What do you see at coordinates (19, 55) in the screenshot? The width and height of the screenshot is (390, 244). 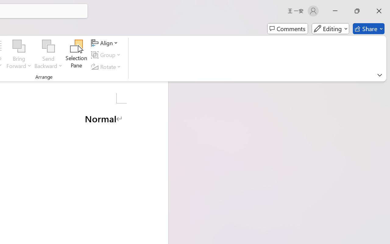 I see `'Bring Forward'` at bounding box center [19, 55].